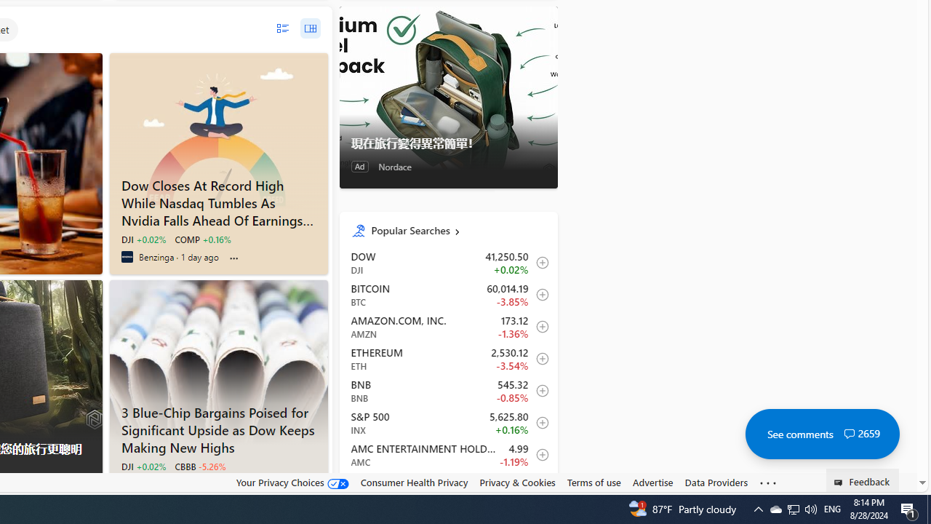 The image size is (931, 524). Describe the element at coordinates (291, 482) in the screenshot. I see `'Your Privacy Choices'` at that location.